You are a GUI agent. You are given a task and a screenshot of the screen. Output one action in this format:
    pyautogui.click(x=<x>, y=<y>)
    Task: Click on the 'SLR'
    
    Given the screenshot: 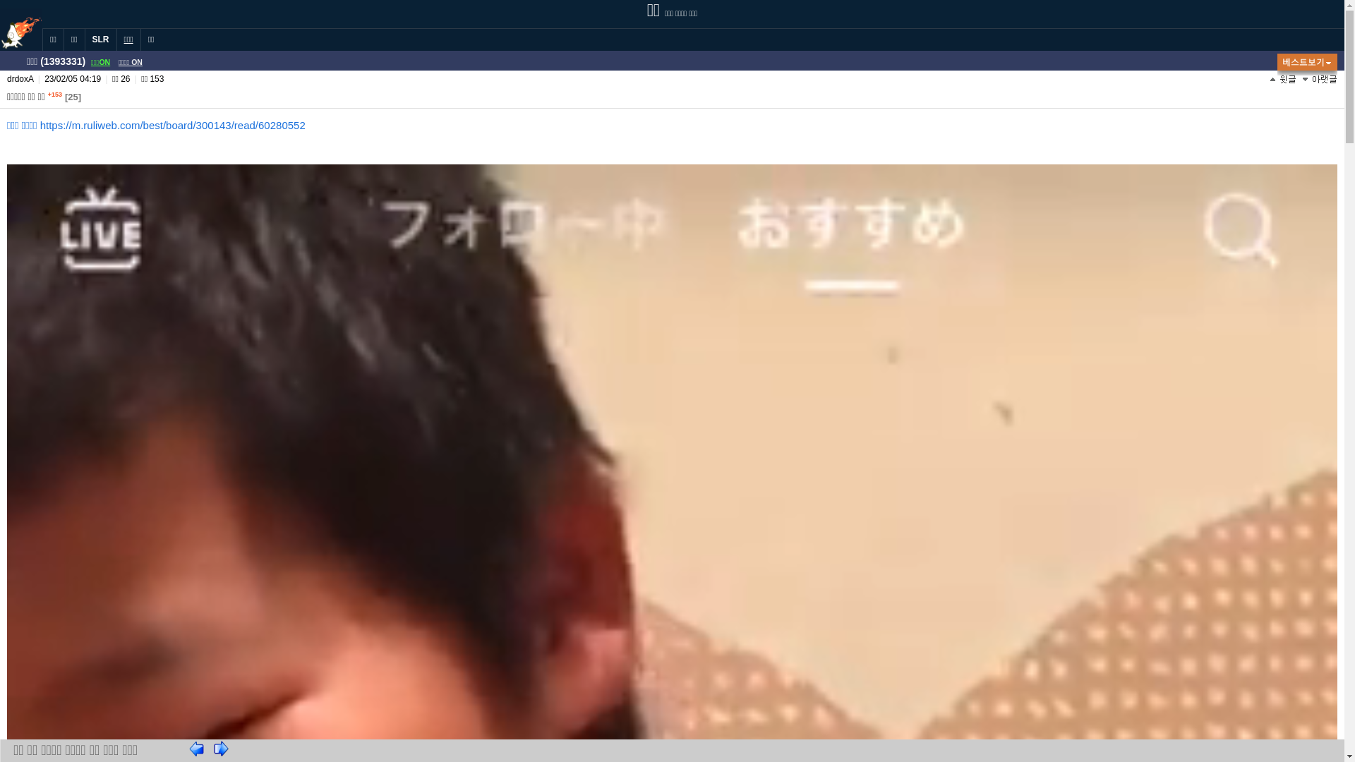 What is the action you would take?
    pyautogui.click(x=100, y=39)
    